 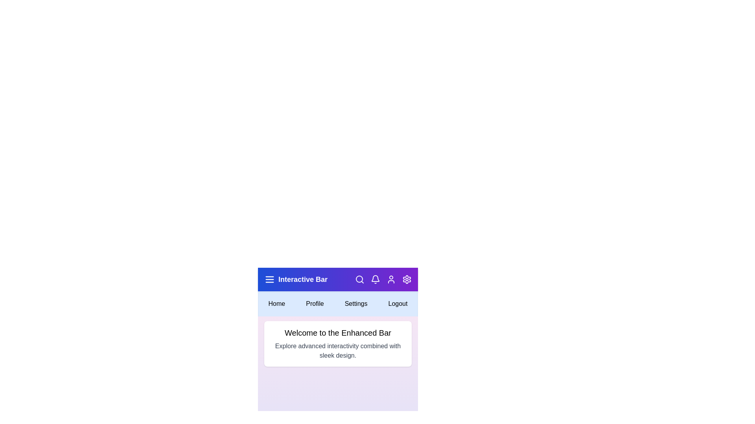 What do you see at coordinates (359, 279) in the screenshot?
I see `the search icon in the app bar` at bounding box center [359, 279].